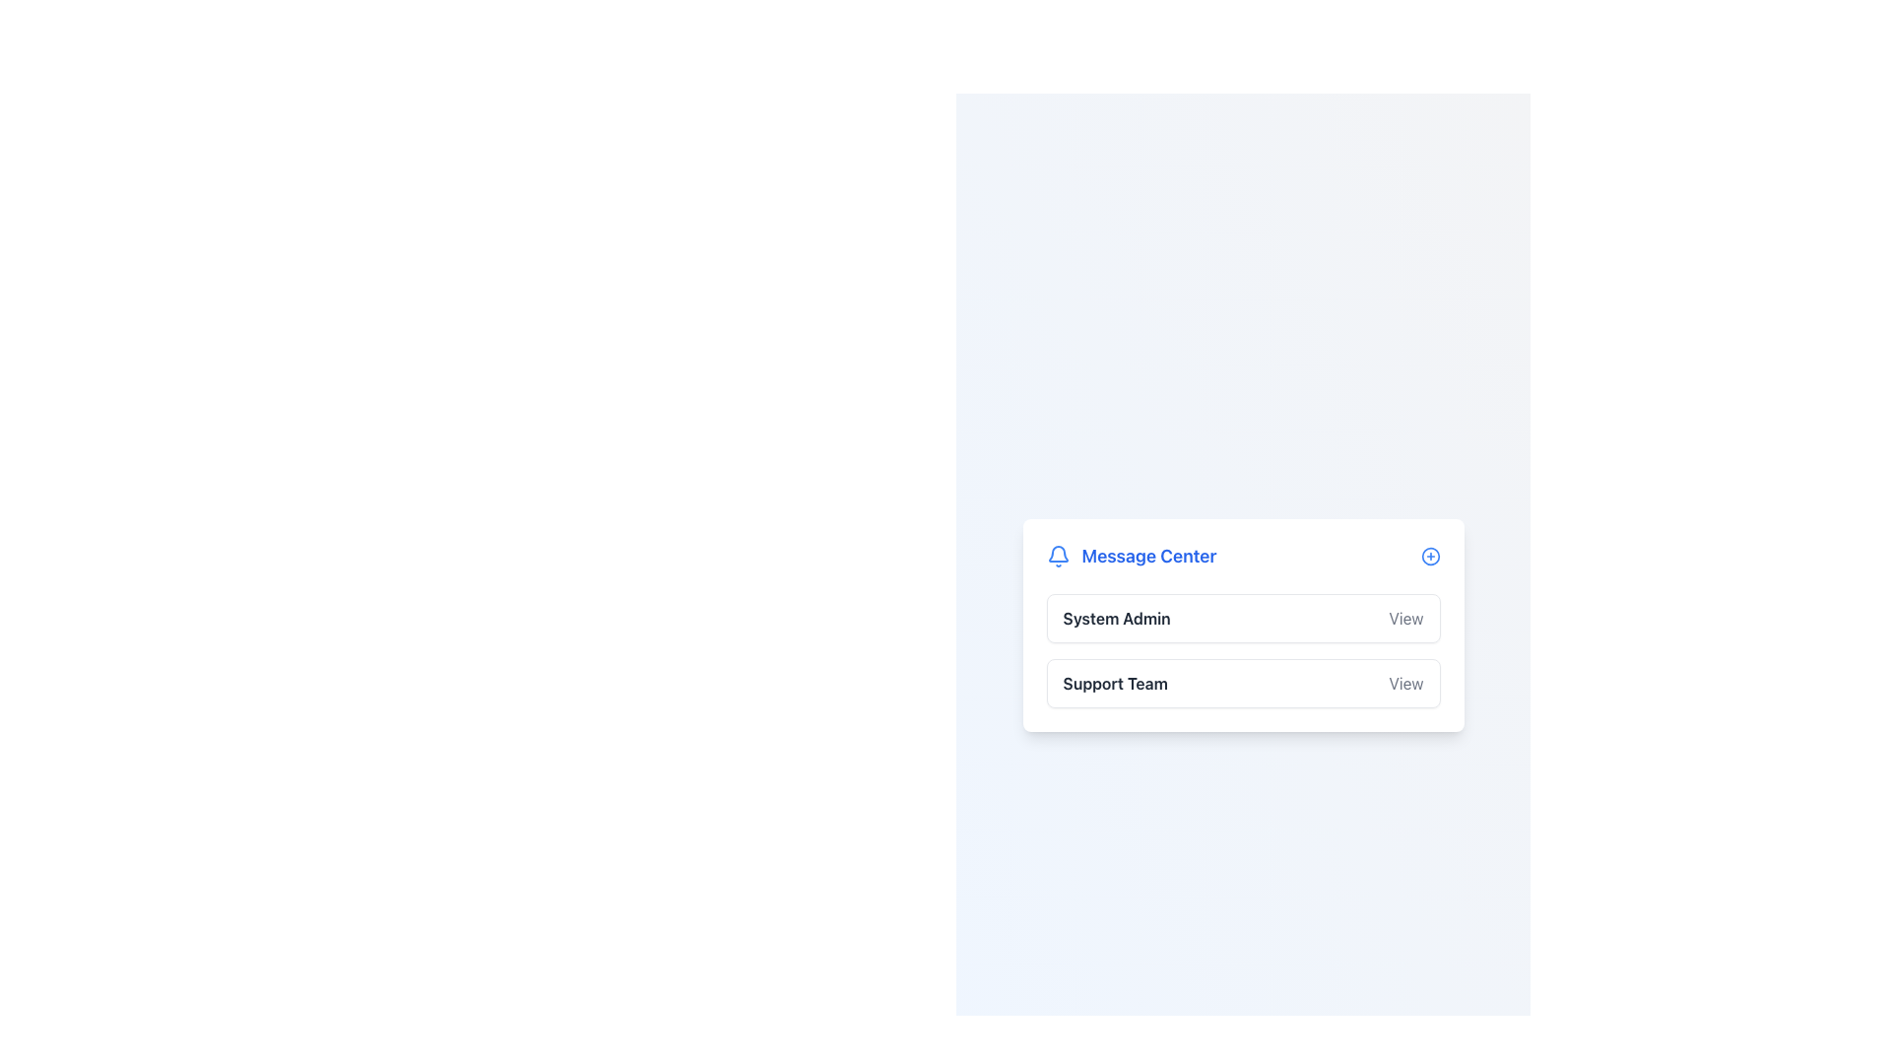 The image size is (1891, 1064). What do you see at coordinates (1430, 556) in the screenshot?
I see `the circular outline for the plus icon located in the top-right corner of the 'Message Center' box to interact with the 'add new item' feature` at bounding box center [1430, 556].